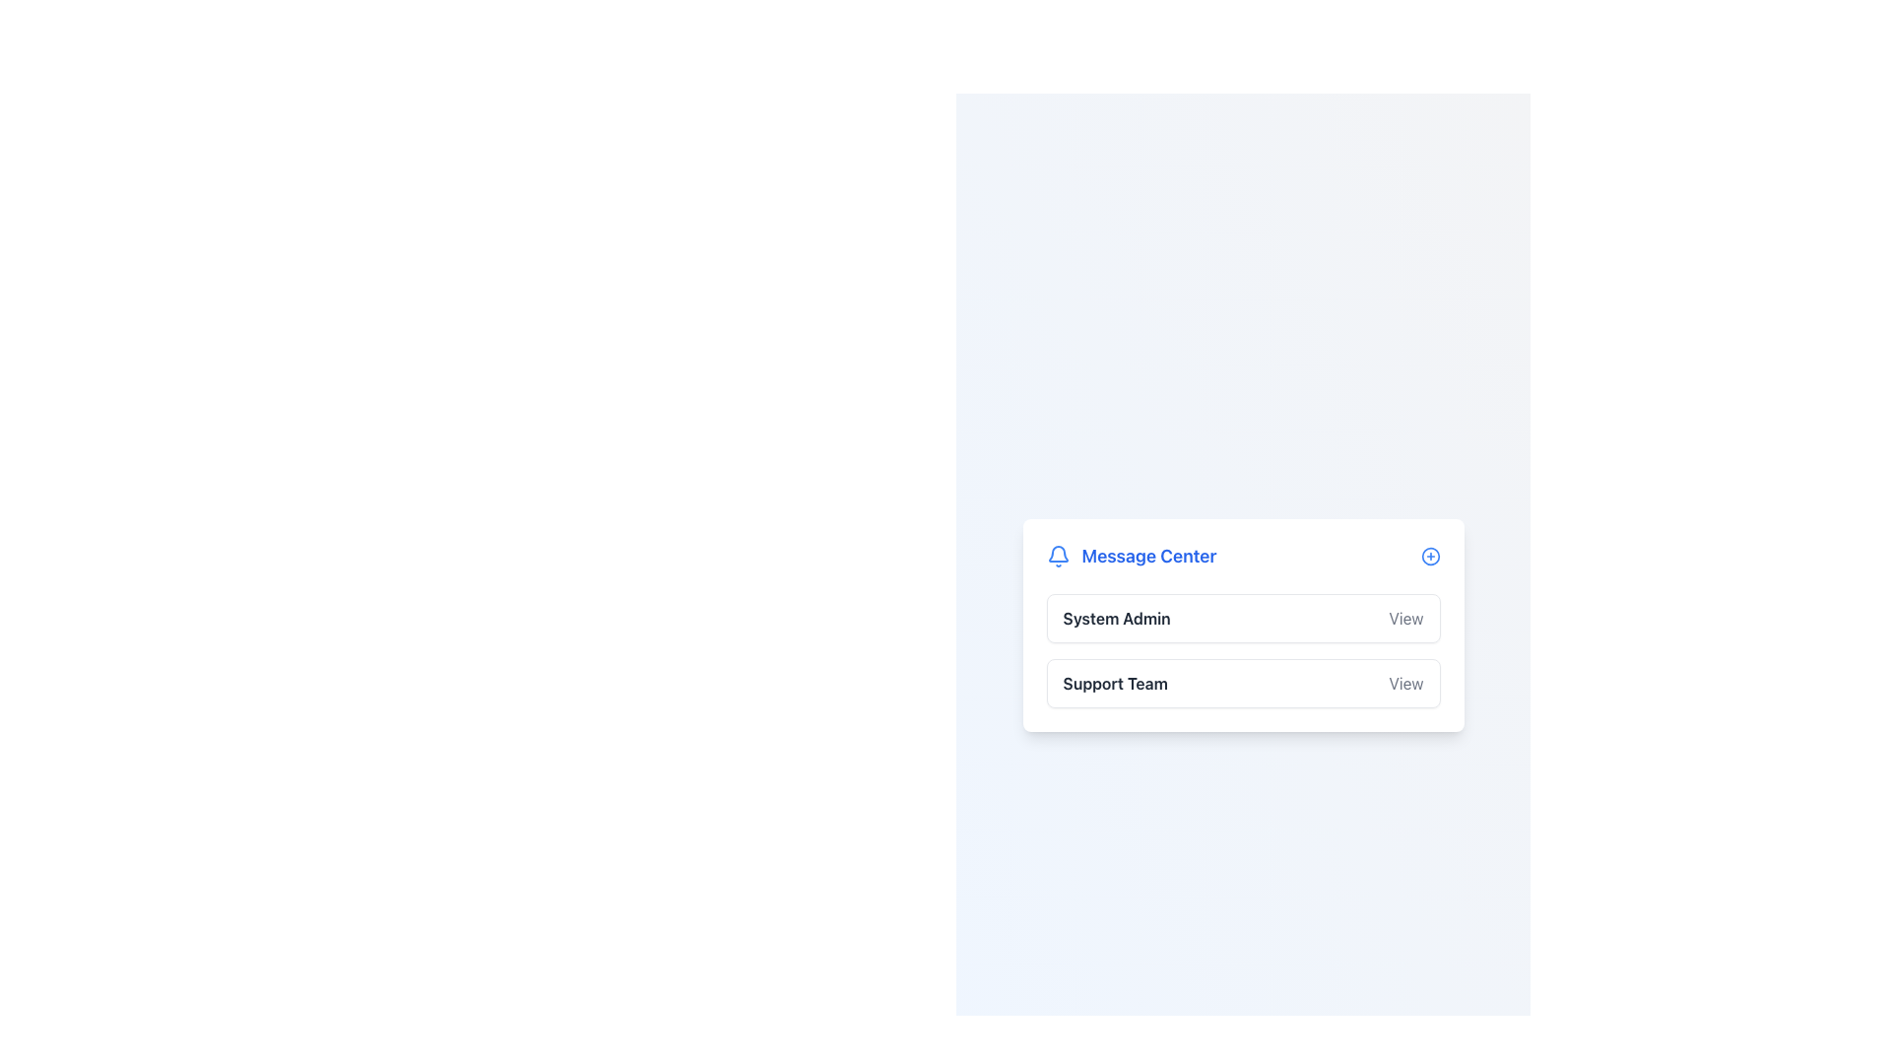 The image size is (1891, 1064). What do you see at coordinates (1430, 556) in the screenshot?
I see `the circular outline for the plus icon located in the top-right corner of the 'Message Center' box to interact with the 'add new item' feature` at bounding box center [1430, 556].